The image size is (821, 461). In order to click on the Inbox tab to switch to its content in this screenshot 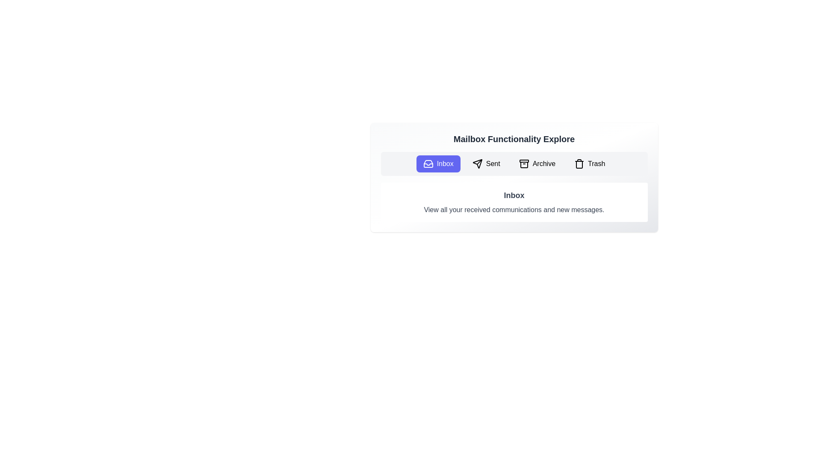, I will do `click(438, 164)`.